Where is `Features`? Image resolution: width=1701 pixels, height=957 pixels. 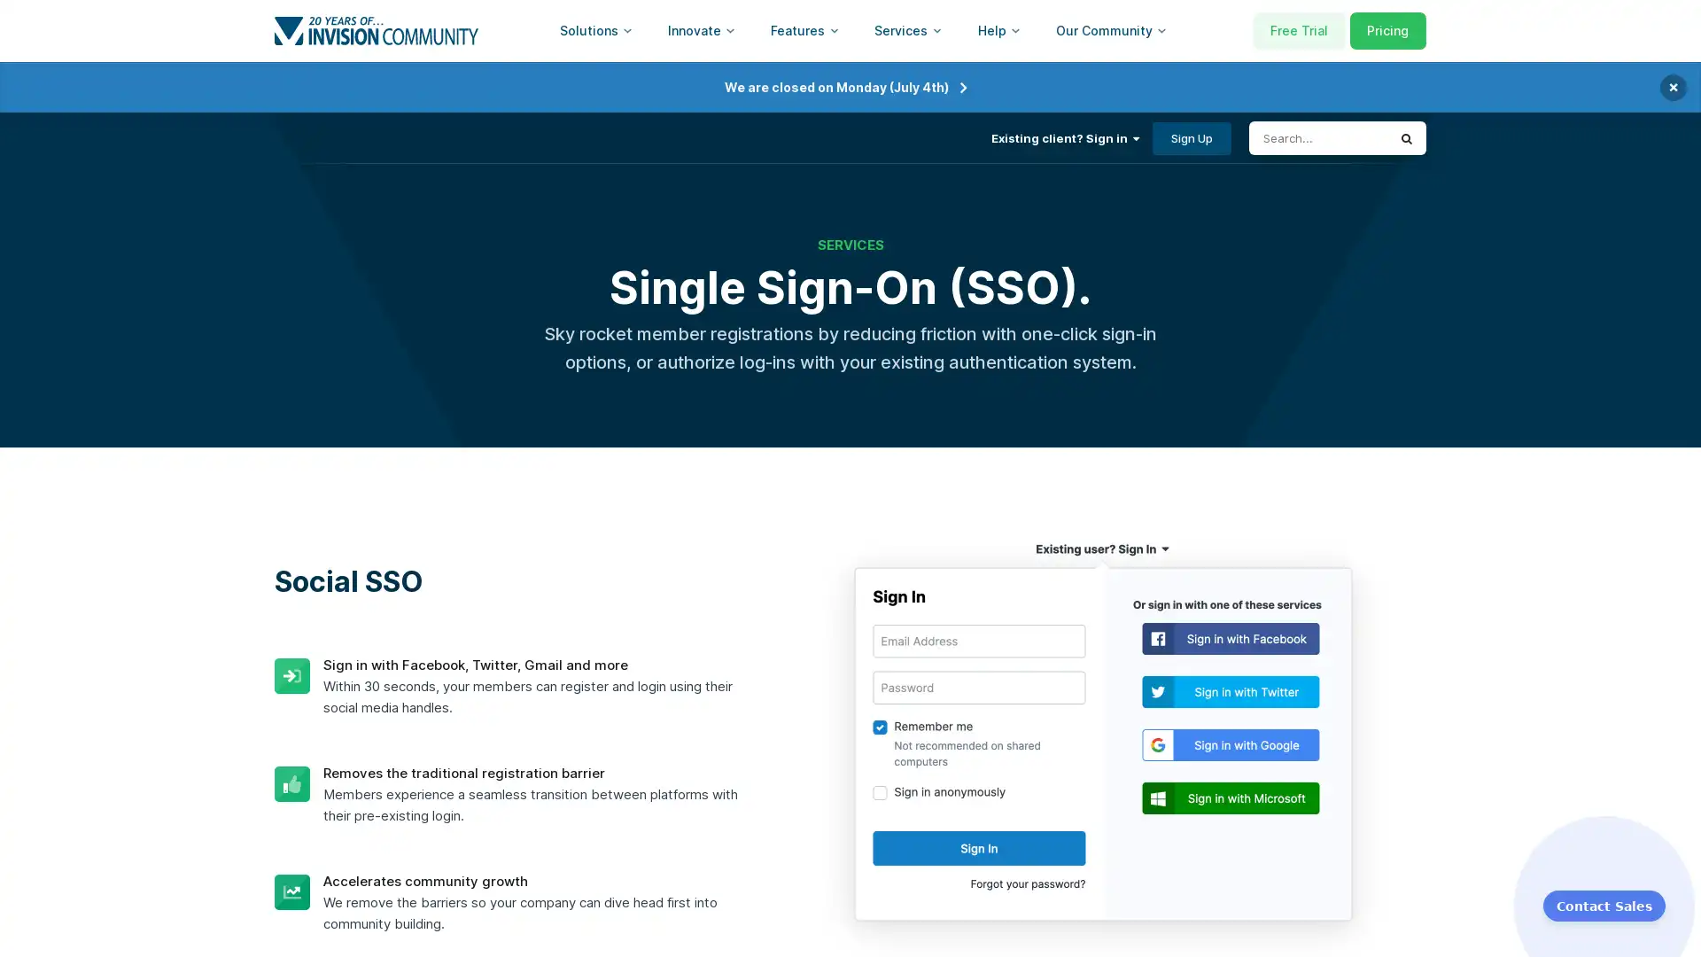
Features is located at coordinates (804, 30).